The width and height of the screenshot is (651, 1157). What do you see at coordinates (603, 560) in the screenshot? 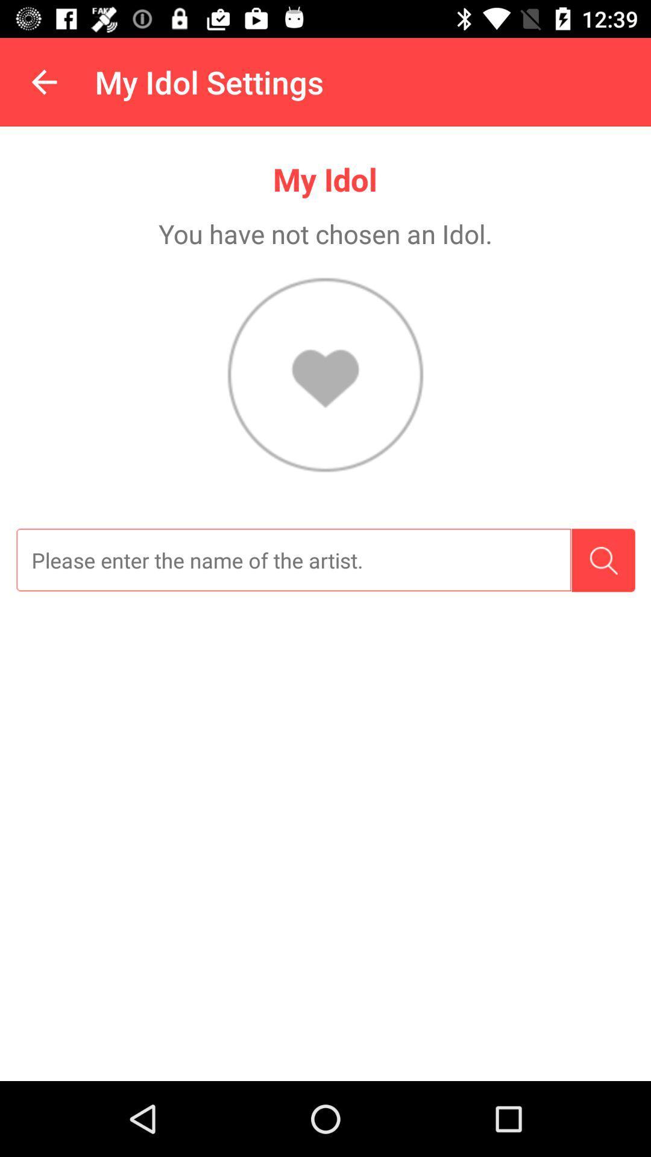
I see `the item on the right` at bounding box center [603, 560].